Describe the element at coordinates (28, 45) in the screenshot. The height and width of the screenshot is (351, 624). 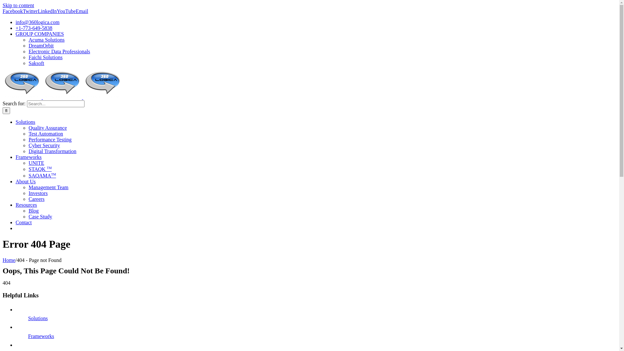
I see `'DreamOrbit'` at that location.